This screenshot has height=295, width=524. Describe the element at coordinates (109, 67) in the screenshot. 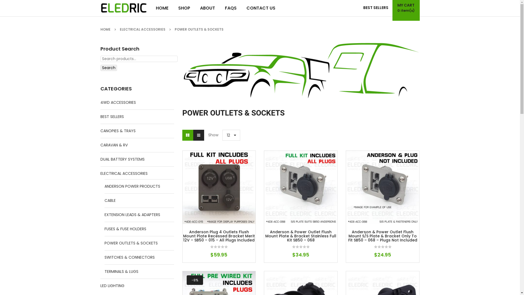

I see `'Search'` at that location.